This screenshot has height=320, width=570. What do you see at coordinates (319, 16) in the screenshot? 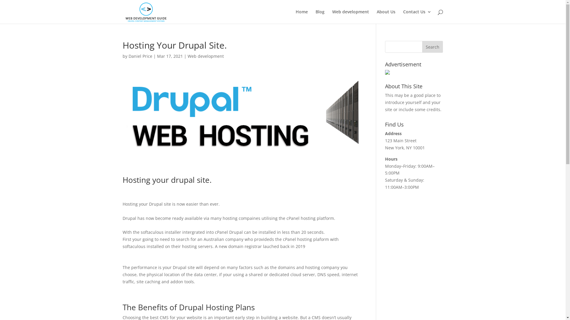
I see `'Blog'` at bounding box center [319, 16].